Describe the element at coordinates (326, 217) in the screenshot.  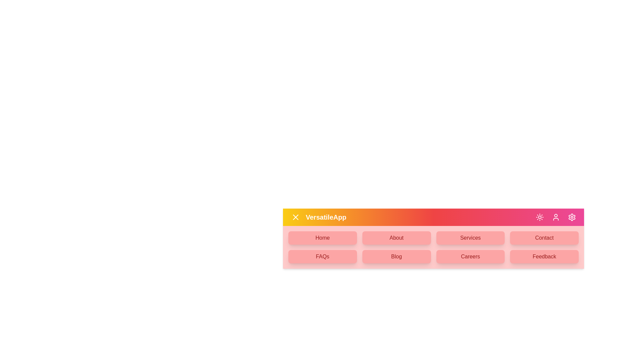
I see `the text 'VersatileApp' to view its details or functionality` at that location.